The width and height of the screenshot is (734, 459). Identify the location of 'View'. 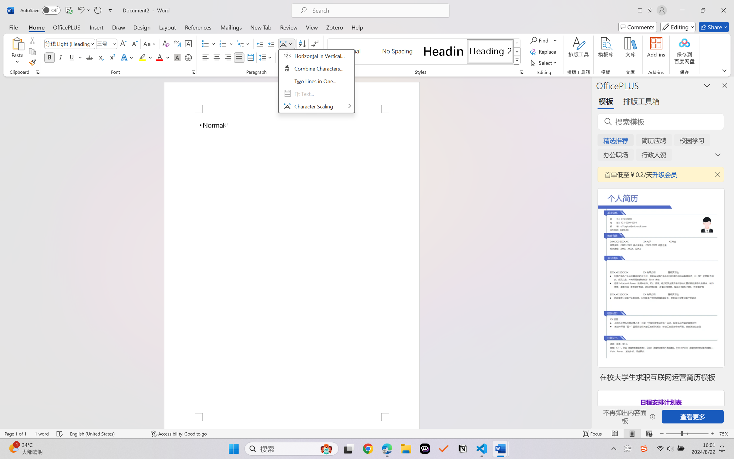
(312, 27).